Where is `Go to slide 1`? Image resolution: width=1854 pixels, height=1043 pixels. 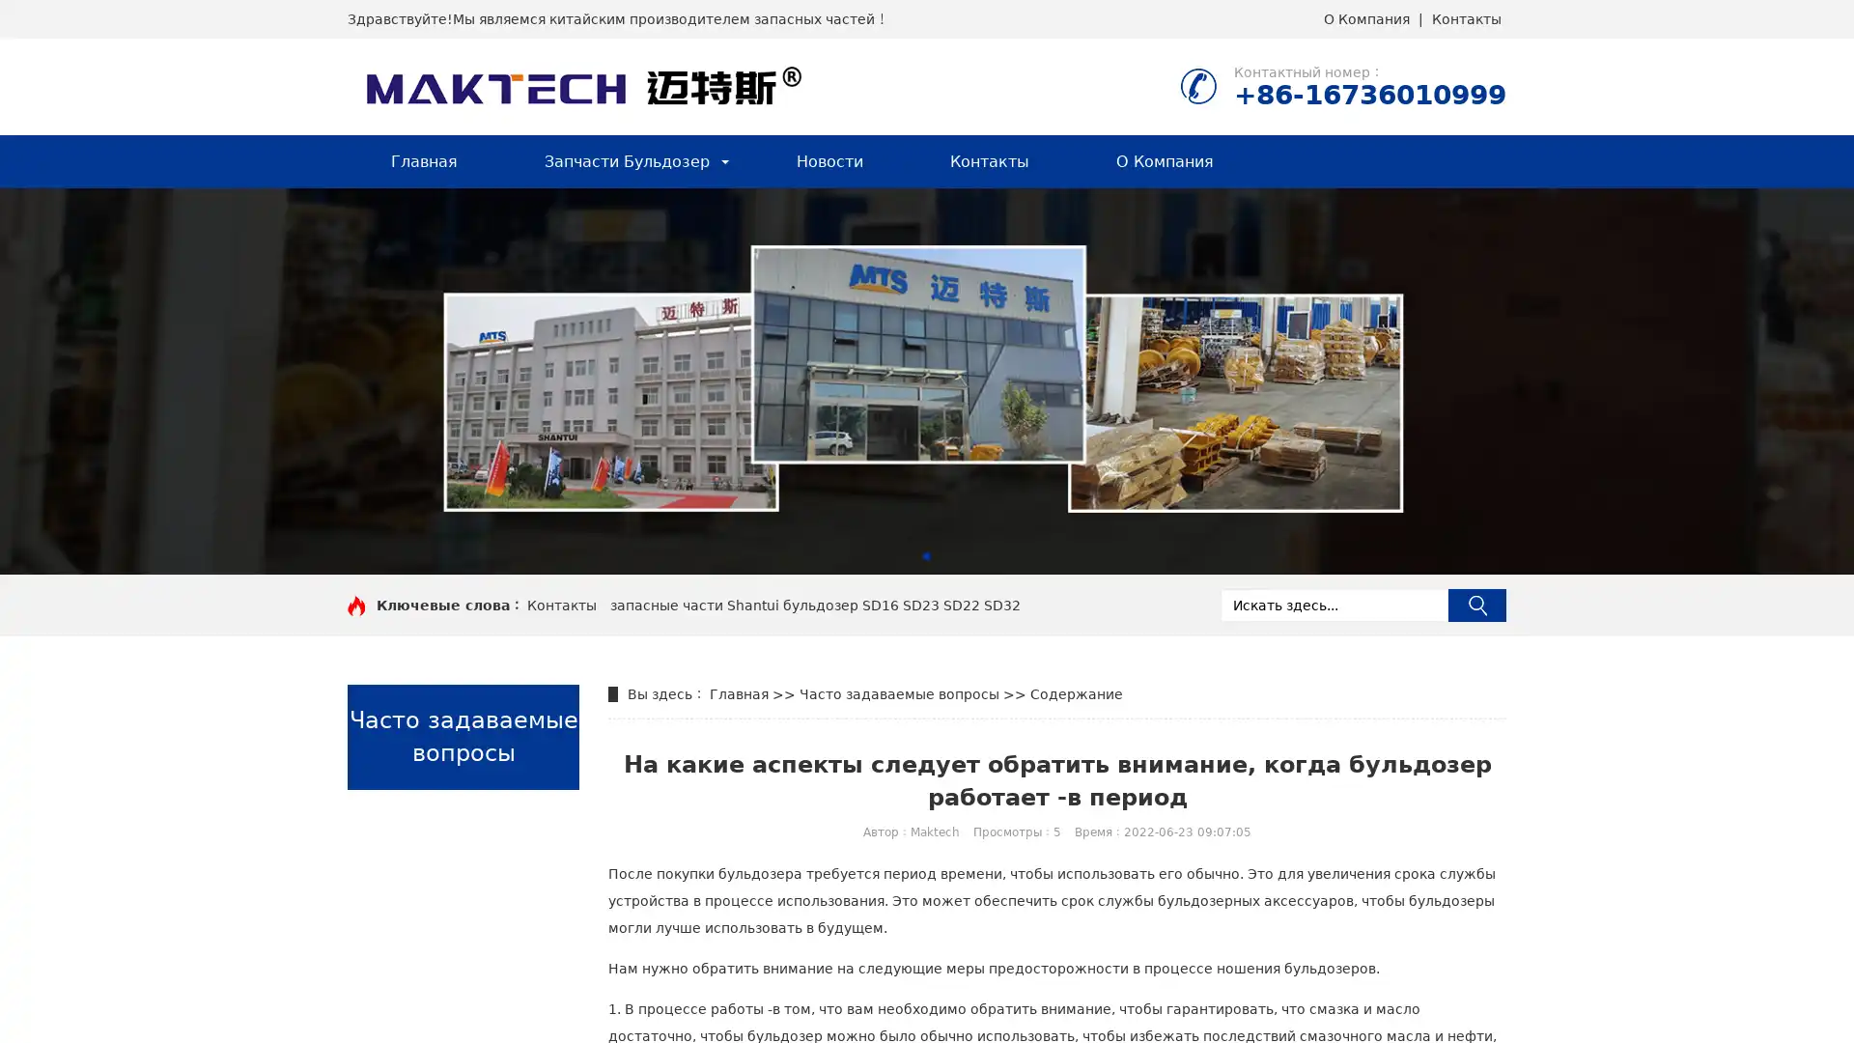 Go to slide 1 is located at coordinates (927, 555).